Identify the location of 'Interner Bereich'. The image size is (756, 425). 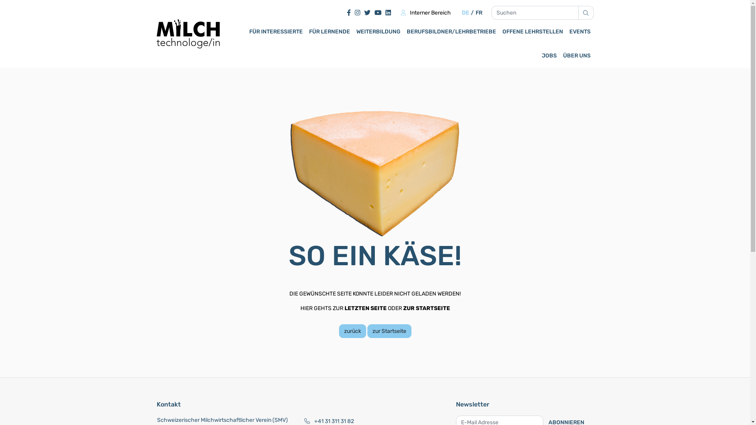
(425, 13).